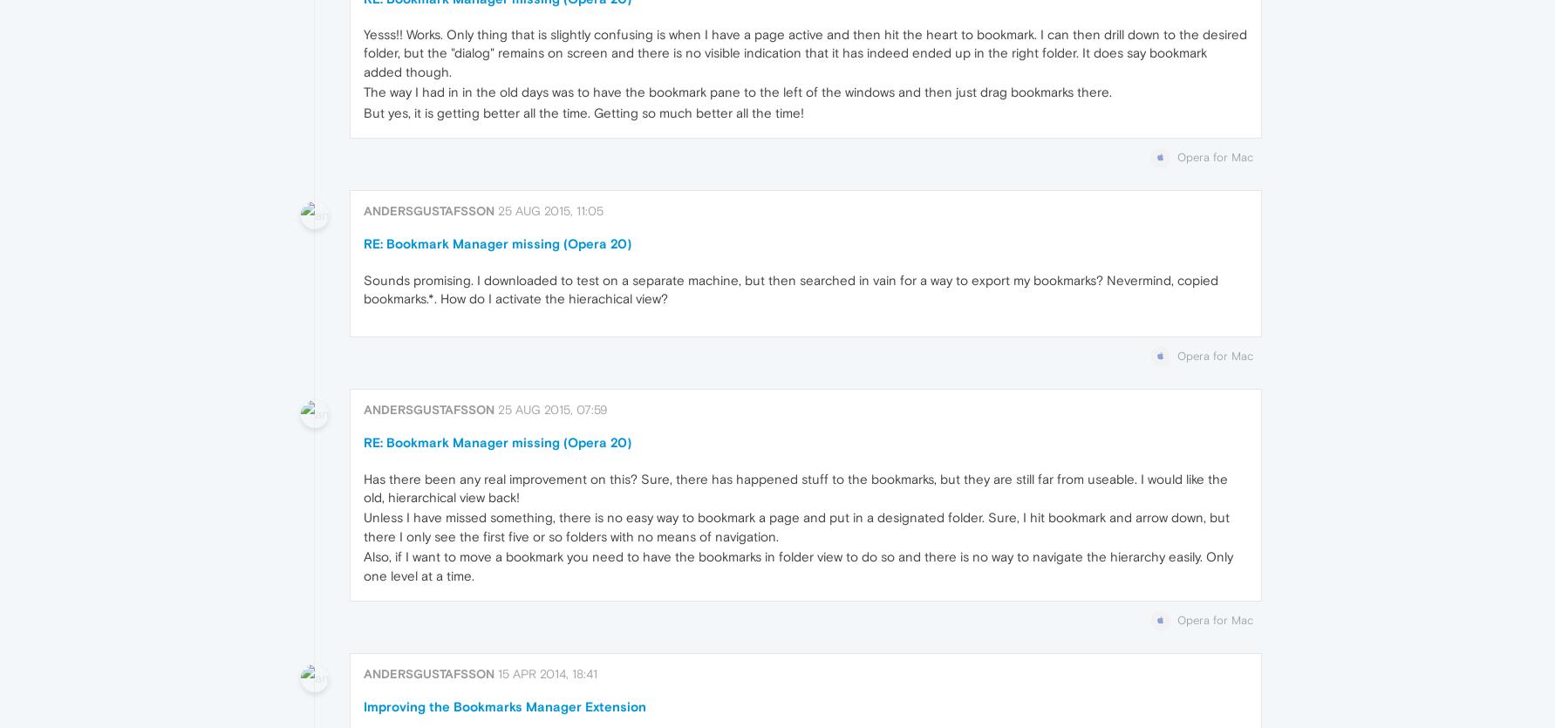 The width and height of the screenshot is (1555, 728). What do you see at coordinates (803, 52) in the screenshot?
I see `'Yesss!! Works. Only thing that is slightly confusing is when I have a page active and then hit the heart to bookmark. I can then drill down to the desired folder, but the "dialog" remains on screen and there is no visible indication that it has indeed ended up in the right folder. It does say bookmark added though.'` at bounding box center [803, 52].